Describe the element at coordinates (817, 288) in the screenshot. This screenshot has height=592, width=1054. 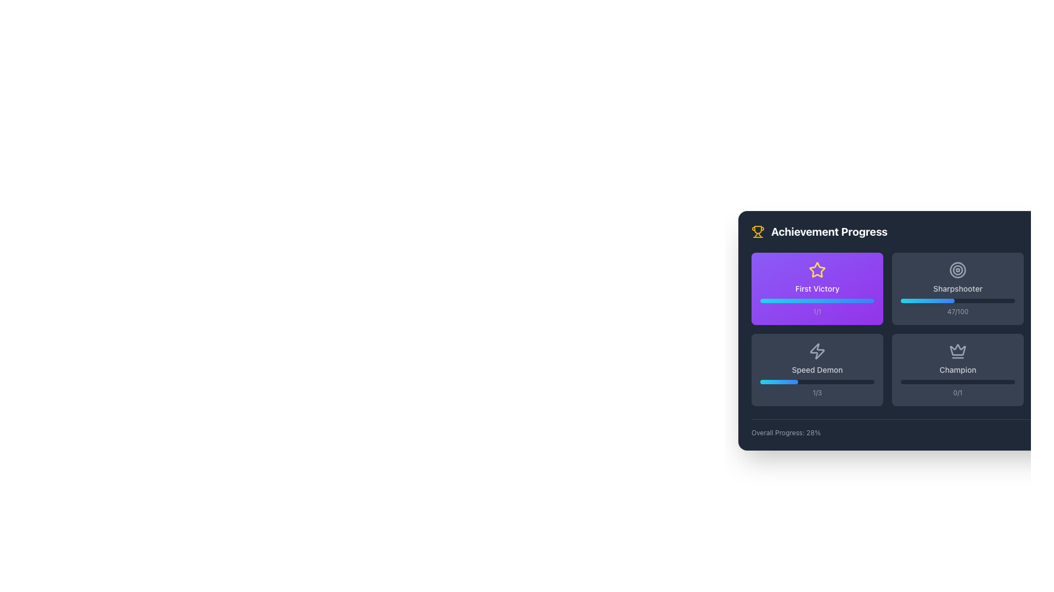
I see `the 'First Victory' text label, which is bold and white, located on a light purple background in the top left card of the 'Achievement Progress' section` at that location.